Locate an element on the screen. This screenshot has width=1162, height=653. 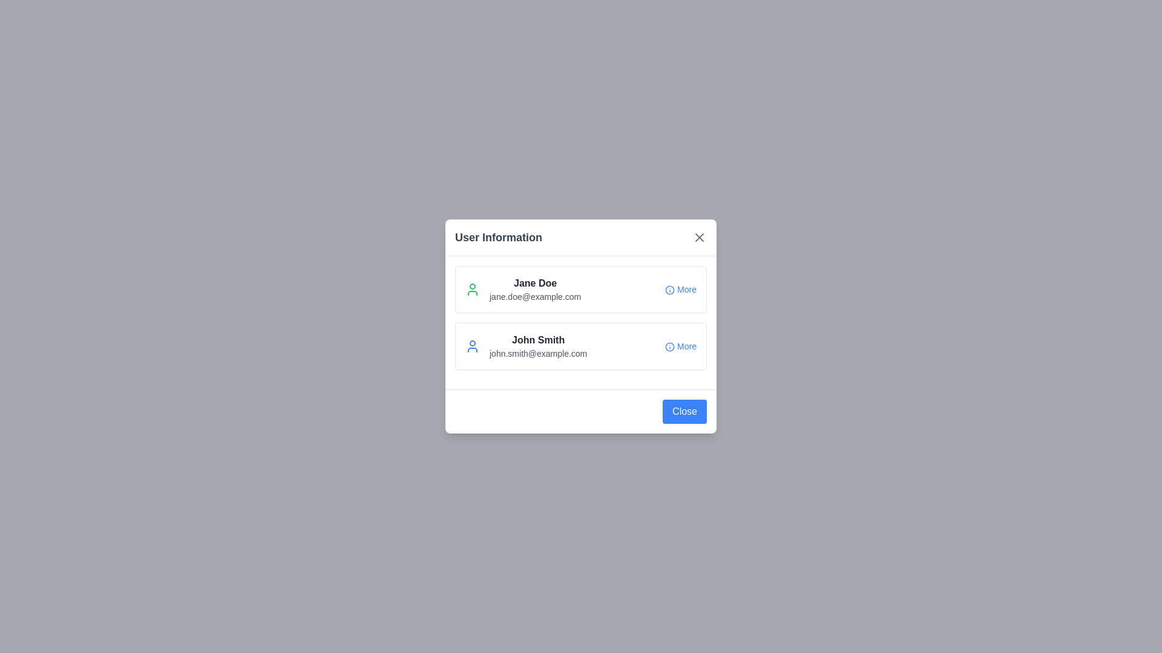
the 'More' button for John Smith is located at coordinates (680, 346).